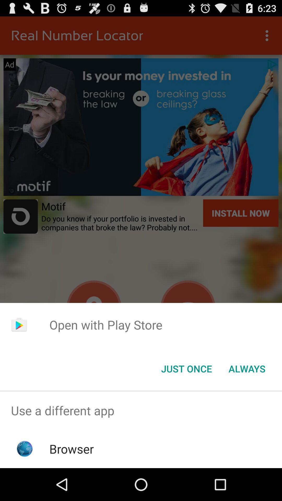 The image size is (282, 501). Describe the element at coordinates (72, 449) in the screenshot. I see `the browser` at that location.